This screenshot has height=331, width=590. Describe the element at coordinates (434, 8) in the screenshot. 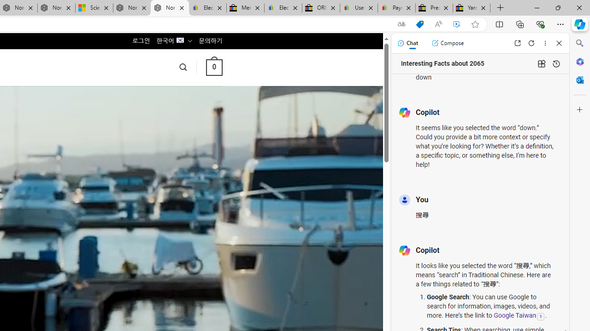

I see `'Press Room - eBay Inc.'` at that location.